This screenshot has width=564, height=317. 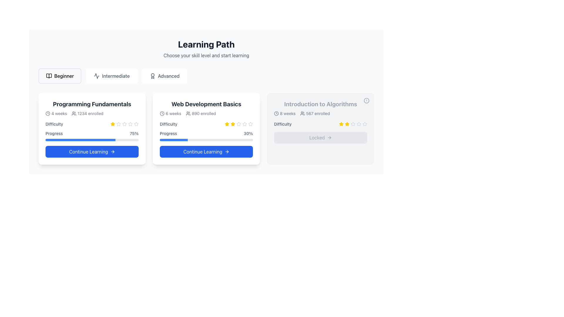 I want to click on the informational text displaying course duration and enrolled participants located in the third card under the 'Introduction to Algorithms' section, so click(x=320, y=113).